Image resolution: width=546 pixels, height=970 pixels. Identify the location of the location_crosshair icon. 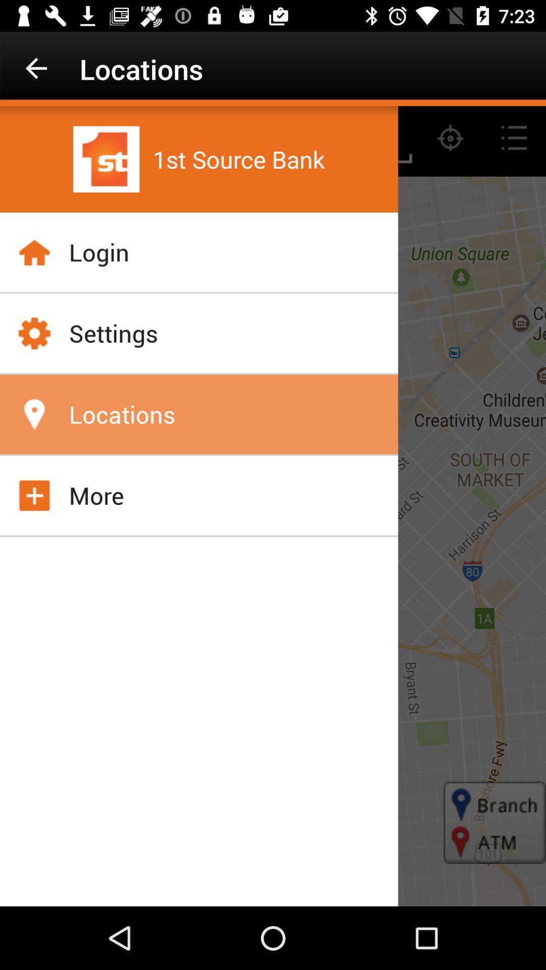
(450, 137).